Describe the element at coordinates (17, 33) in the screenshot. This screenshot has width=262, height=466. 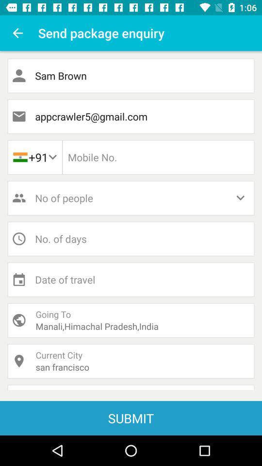
I see `go back` at that location.